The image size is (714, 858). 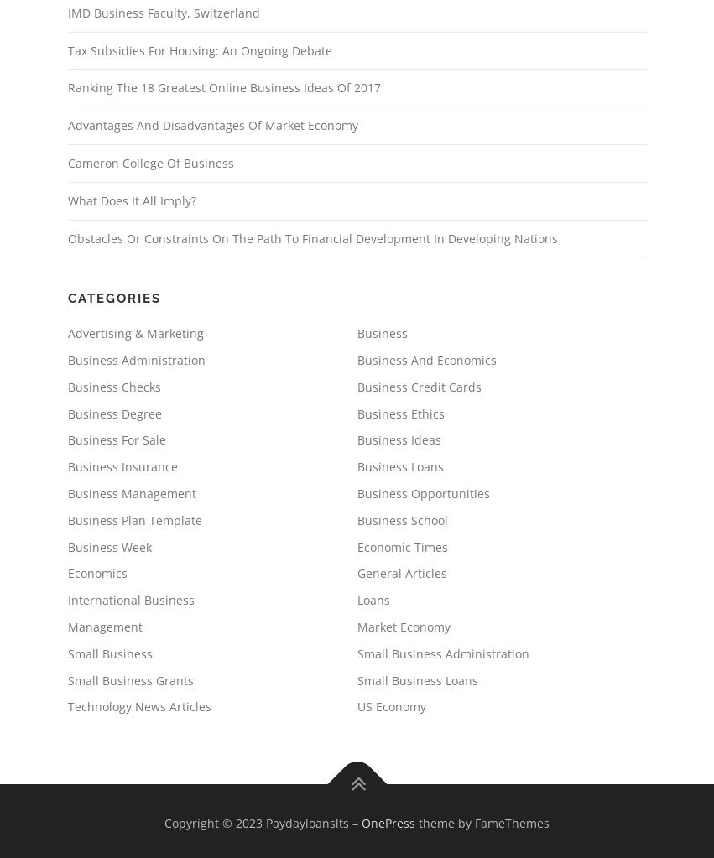 I want to click on 'Small Business Loans', so click(x=415, y=679).